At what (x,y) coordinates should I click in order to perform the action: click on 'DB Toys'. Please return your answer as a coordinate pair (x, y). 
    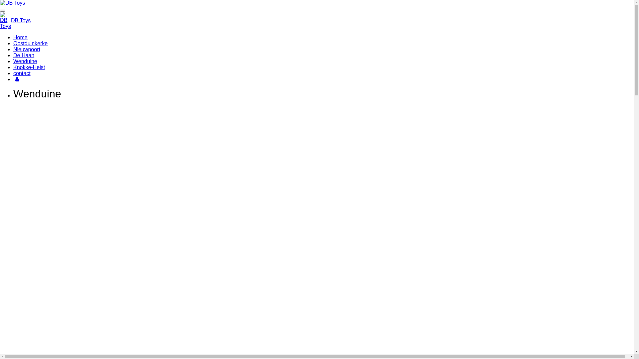
    Looking at the image, I should click on (5, 20).